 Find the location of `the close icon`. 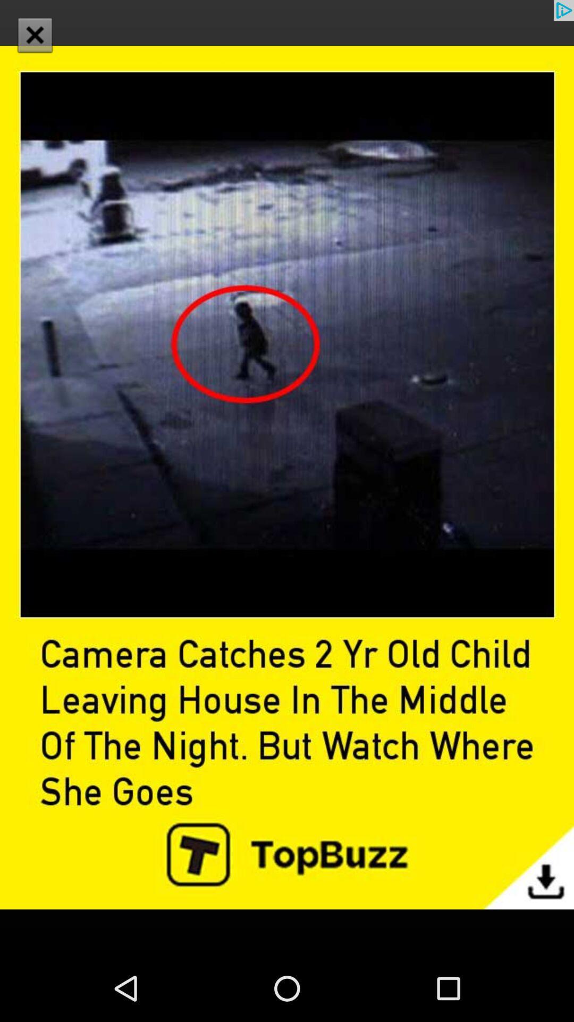

the close icon is located at coordinates (34, 37).